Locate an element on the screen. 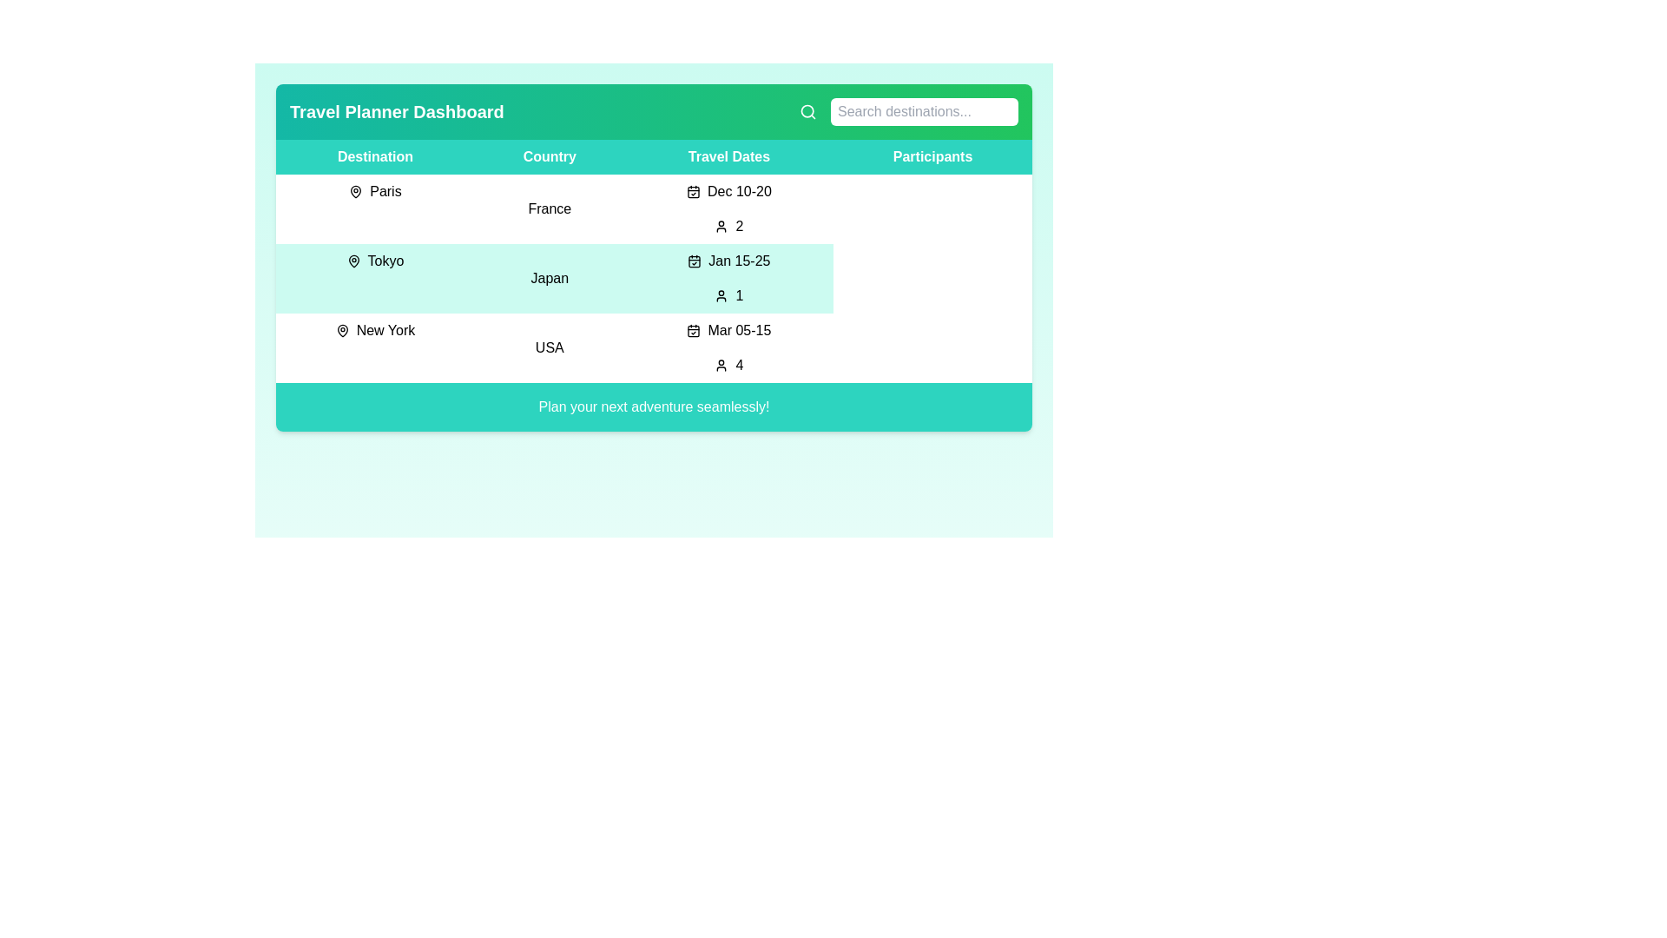 Image resolution: width=1667 pixels, height=938 pixels. the second row in the 'Travel Planner Dashboard' table that contains the travel plan for 'Tokyo', 'Japan' with travel dates 'Jan 15-25' and '1' participant is located at coordinates (653, 277).